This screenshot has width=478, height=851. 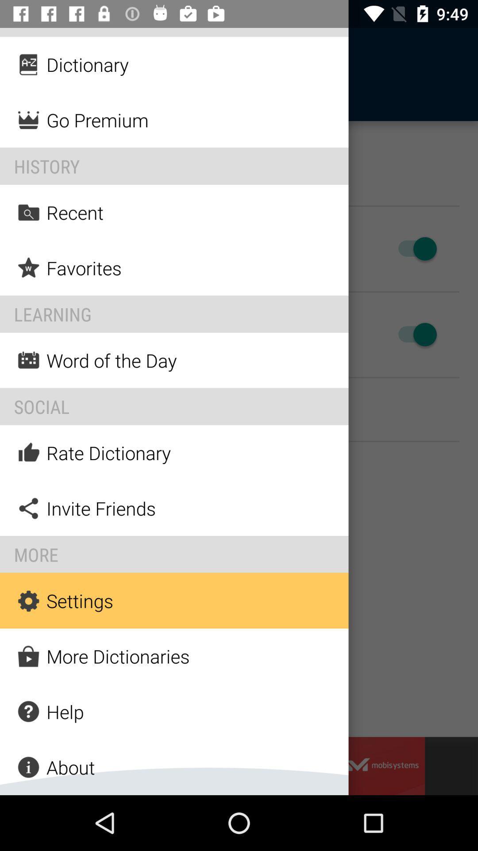 I want to click on the book icon, so click(x=32, y=74).